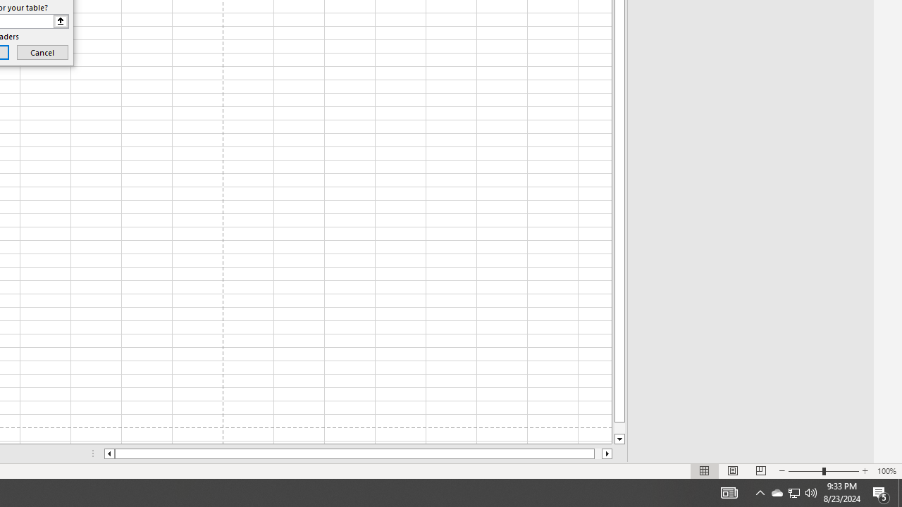  I want to click on 'Line down', so click(619, 439).